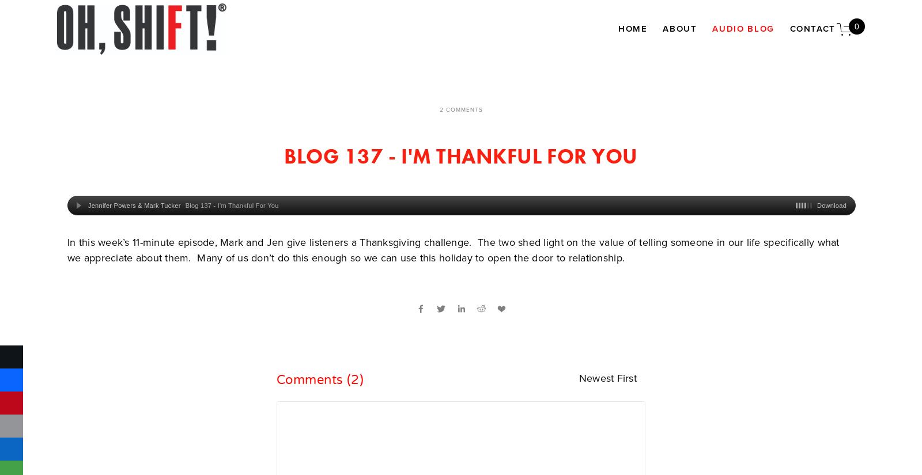 This screenshot has width=922, height=475. What do you see at coordinates (578, 377) in the screenshot?
I see `'Newest First'` at bounding box center [578, 377].